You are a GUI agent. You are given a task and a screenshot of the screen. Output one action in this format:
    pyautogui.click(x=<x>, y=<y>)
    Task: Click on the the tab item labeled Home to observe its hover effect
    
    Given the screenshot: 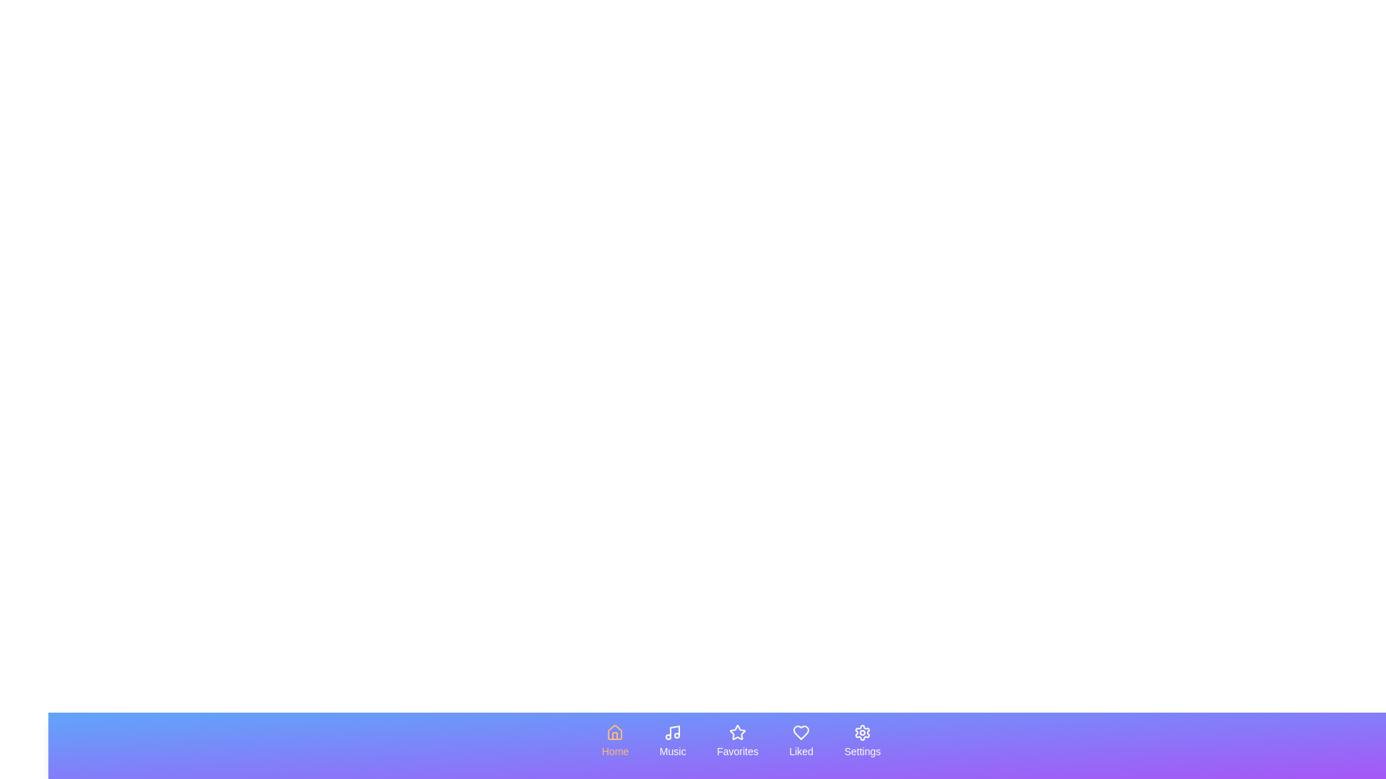 What is the action you would take?
    pyautogui.click(x=614, y=741)
    